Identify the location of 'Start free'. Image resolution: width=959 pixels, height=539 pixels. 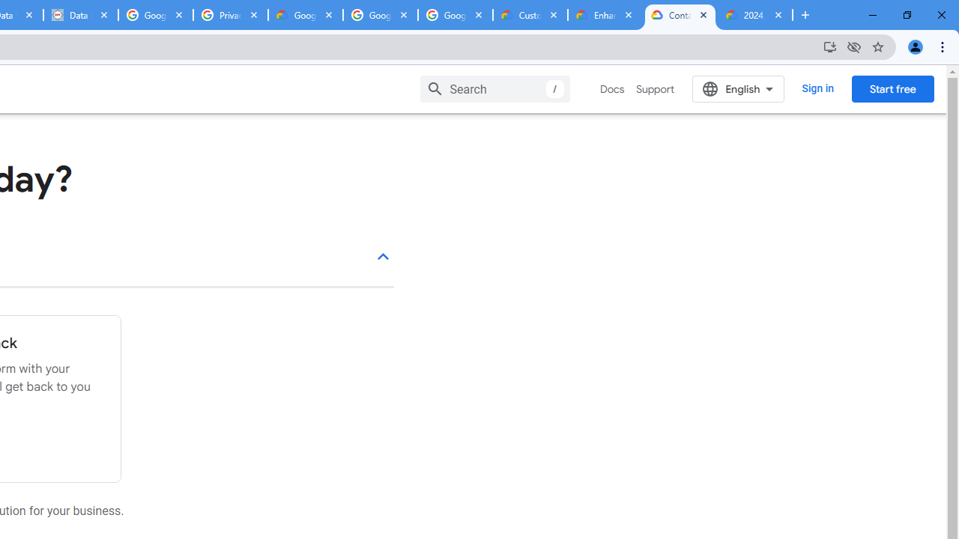
(892, 88).